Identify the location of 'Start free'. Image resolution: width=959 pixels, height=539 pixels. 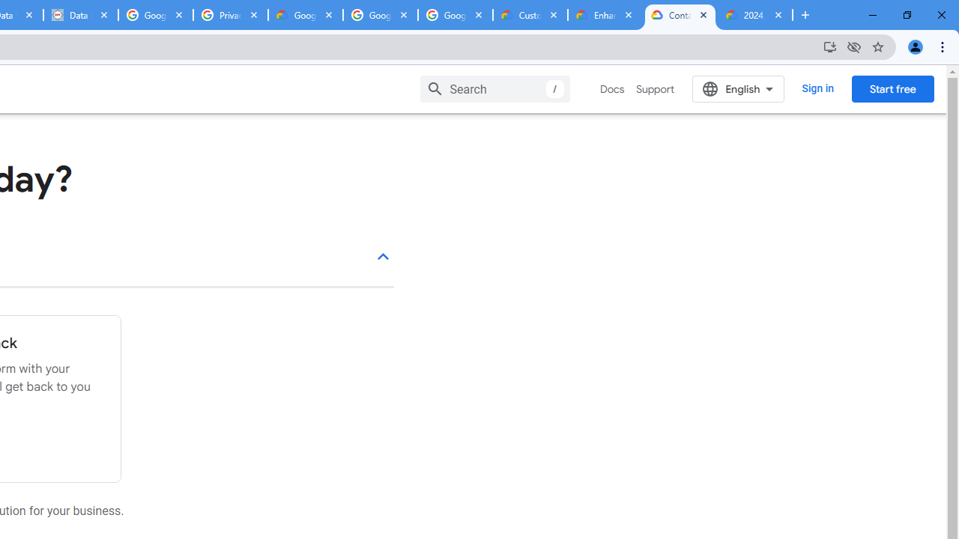
(892, 88).